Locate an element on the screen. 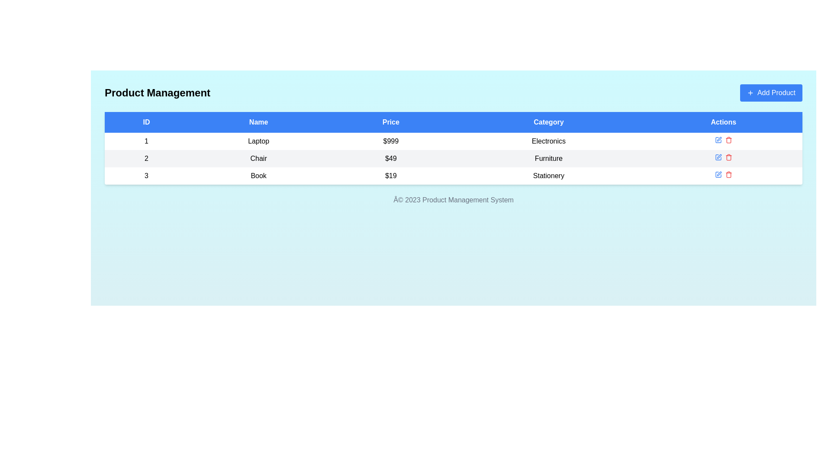 This screenshot has width=831, height=467. the editing icon button located in the 'Actions' column of the third row in the table is located at coordinates (719, 173).